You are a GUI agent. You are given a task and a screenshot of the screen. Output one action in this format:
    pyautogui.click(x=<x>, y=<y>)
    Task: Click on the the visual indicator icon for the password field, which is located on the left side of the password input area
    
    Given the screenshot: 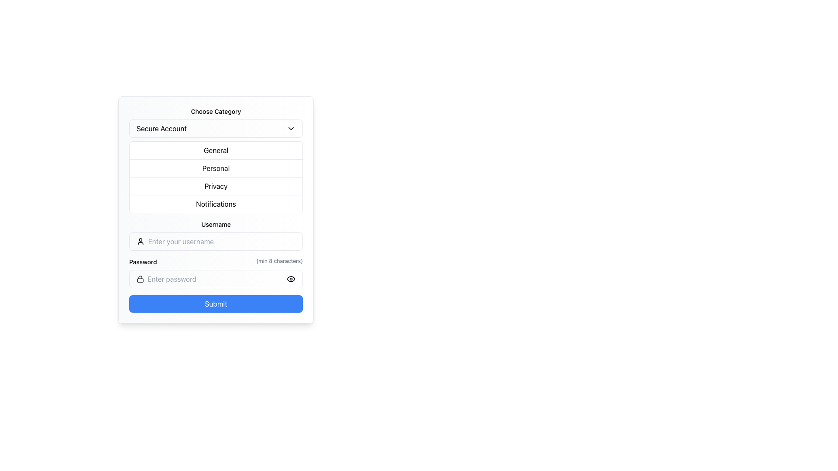 What is the action you would take?
    pyautogui.click(x=140, y=279)
    